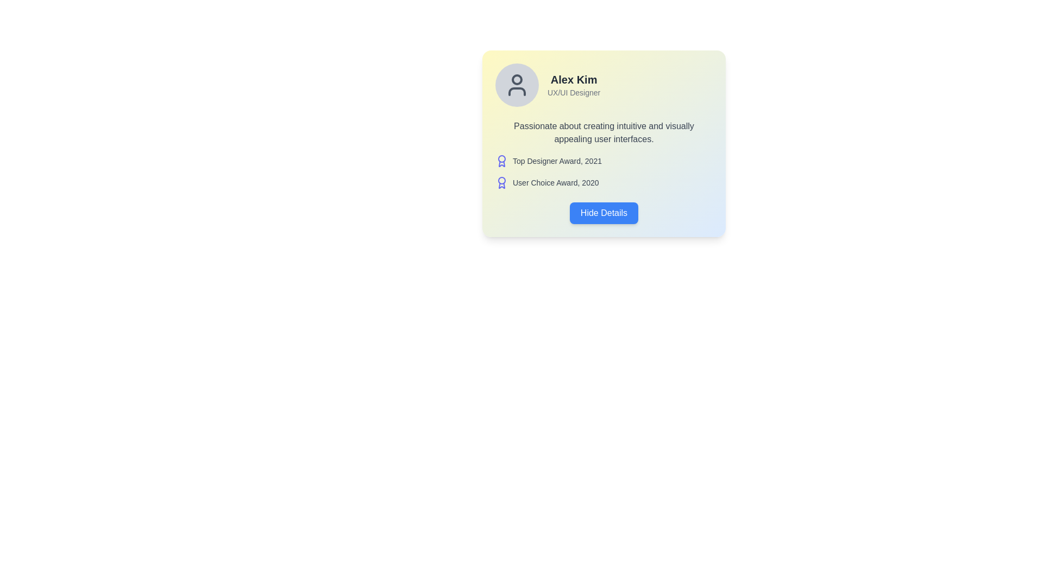 This screenshot has height=586, width=1043. I want to click on the lower ribbon portion of the award icon, which is part of a decorative vector graphic representing the 'Top Designer Award, 2021', so click(501, 164).